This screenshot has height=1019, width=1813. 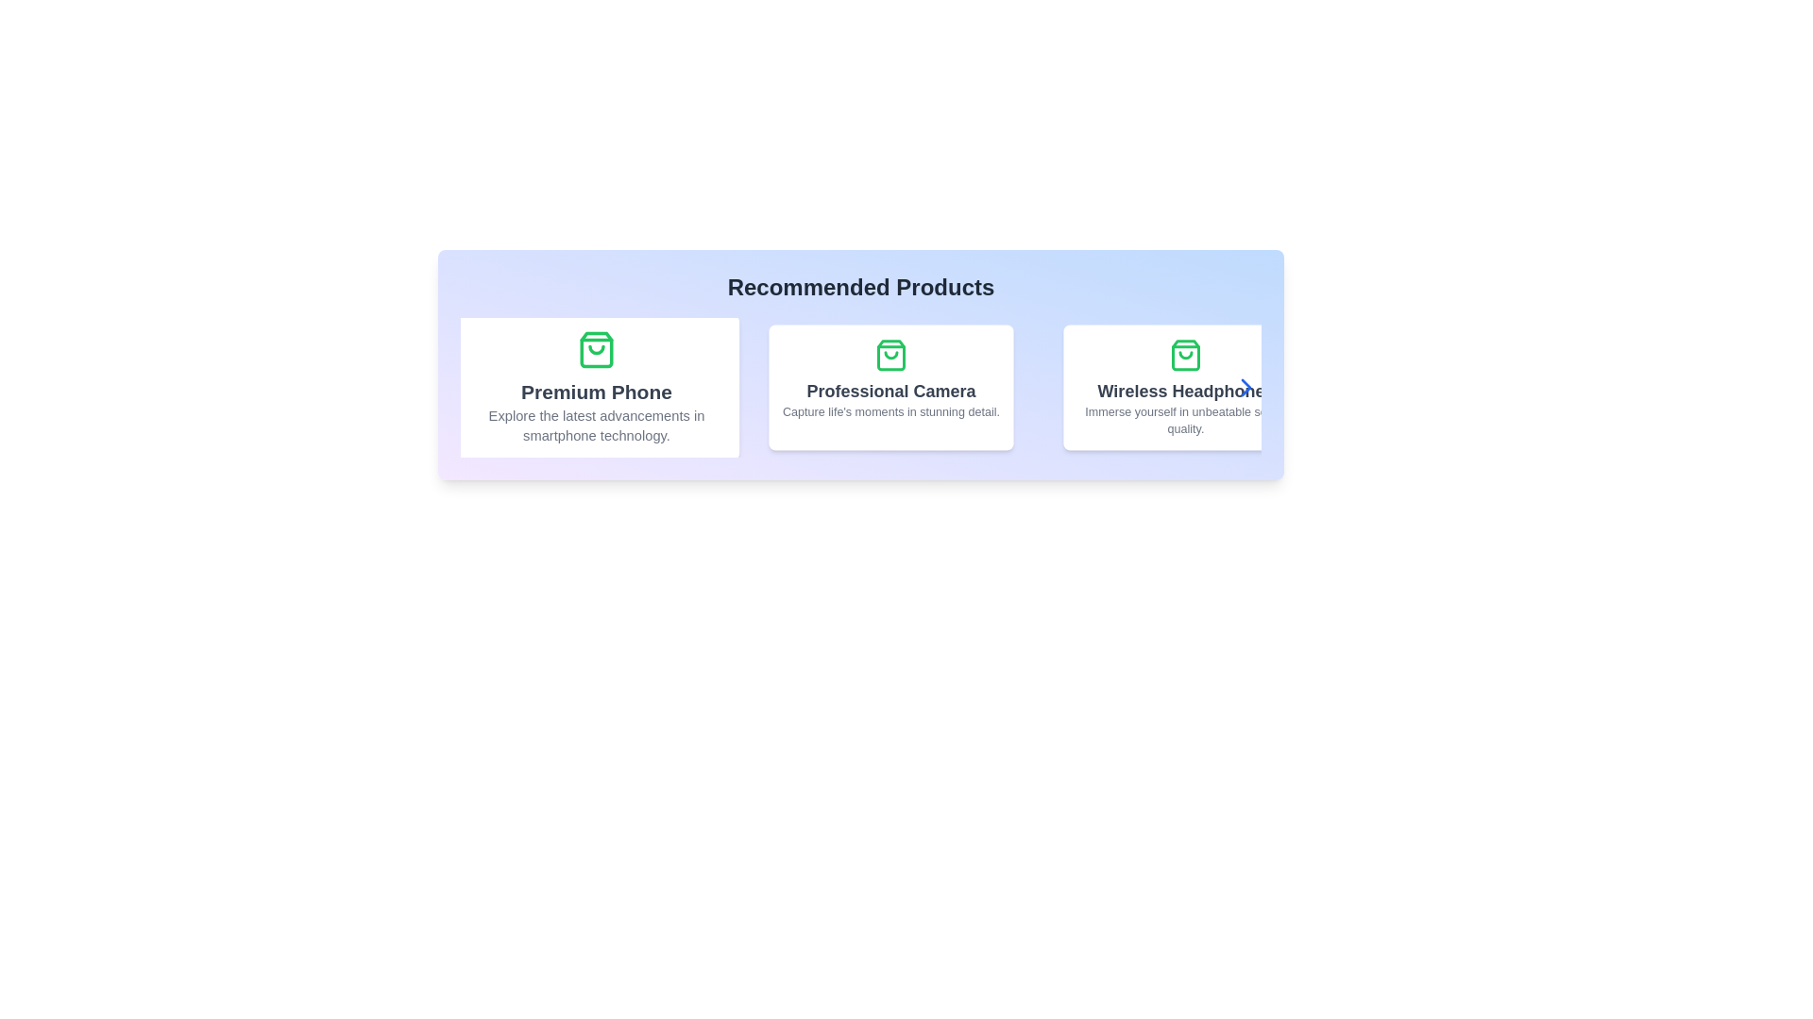 What do you see at coordinates (476, 387) in the screenshot?
I see `the left navigation button to navigate to the previous product` at bounding box center [476, 387].